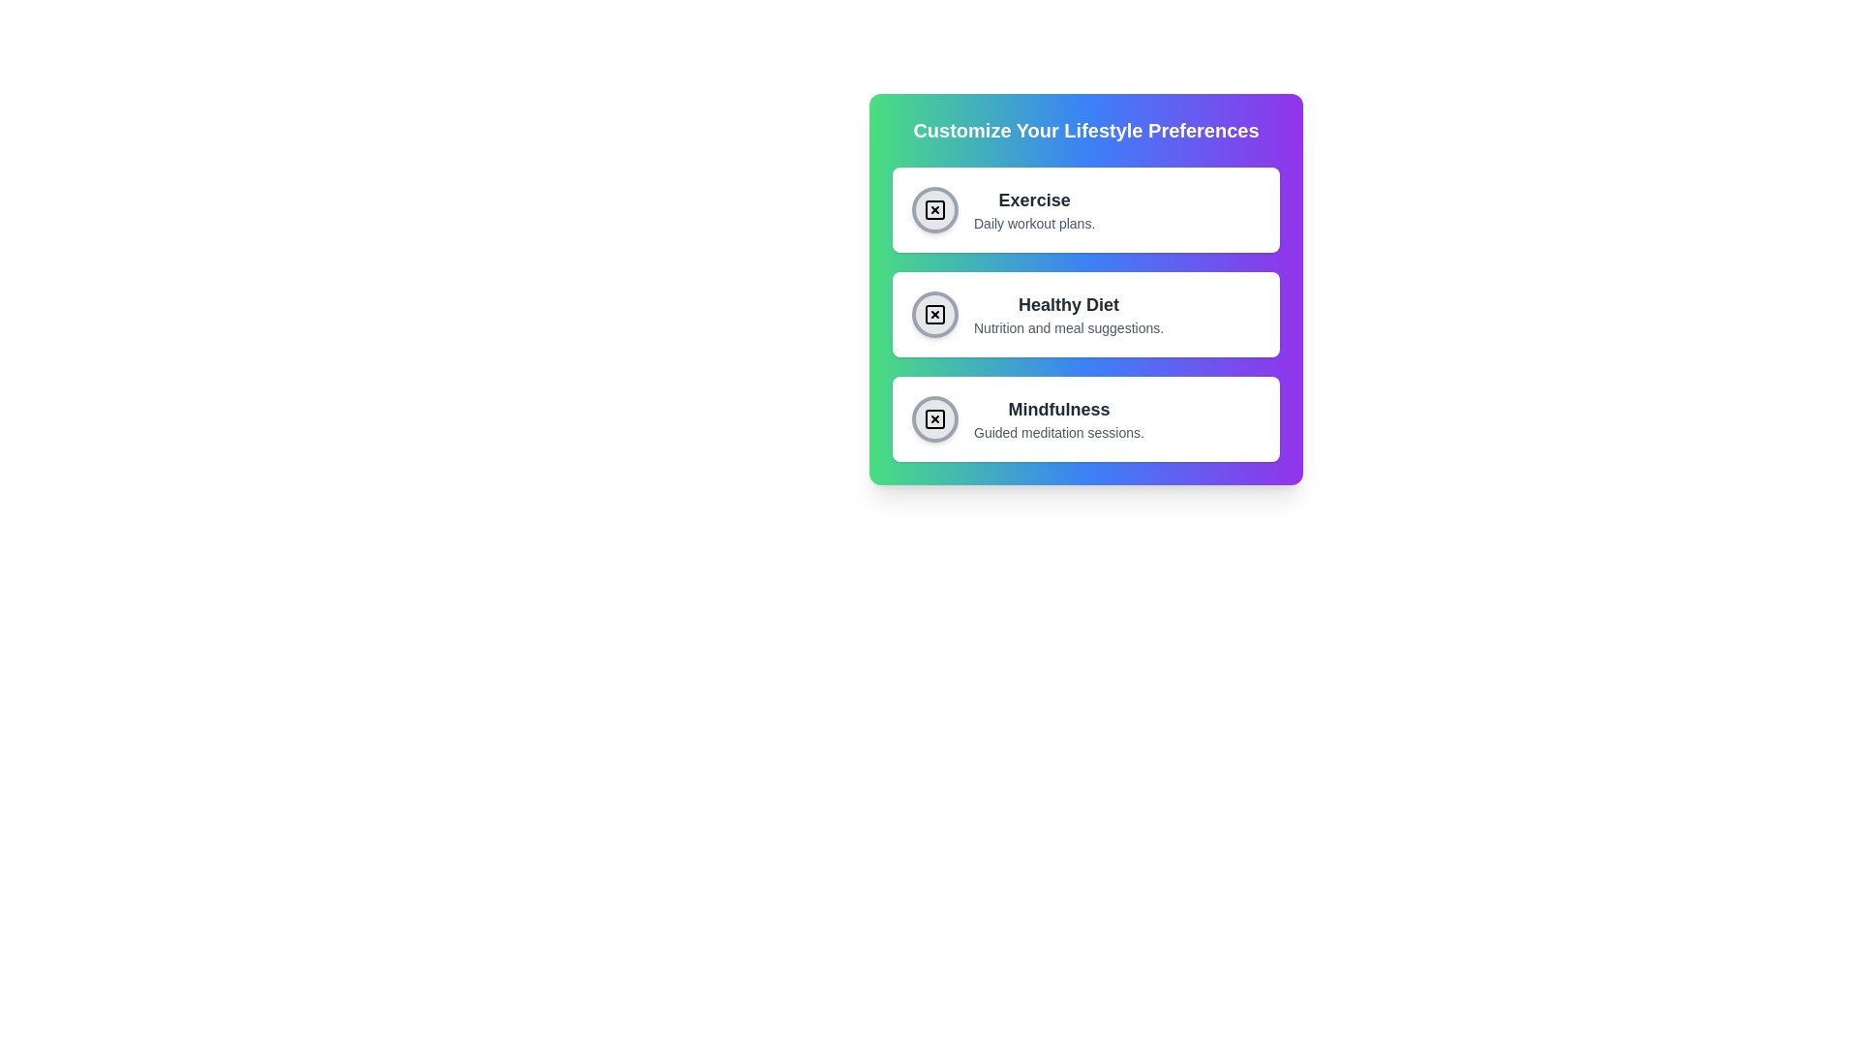 The width and height of the screenshot is (1859, 1046). Describe the element at coordinates (1086, 417) in the screenshot. I see `the 'Mindfulness' card, which has a white background, rounded corners, and contains the heading 'Mindfulness' in bold dark font along with the subtitle 'Guided meditation sessions.'` at that location.